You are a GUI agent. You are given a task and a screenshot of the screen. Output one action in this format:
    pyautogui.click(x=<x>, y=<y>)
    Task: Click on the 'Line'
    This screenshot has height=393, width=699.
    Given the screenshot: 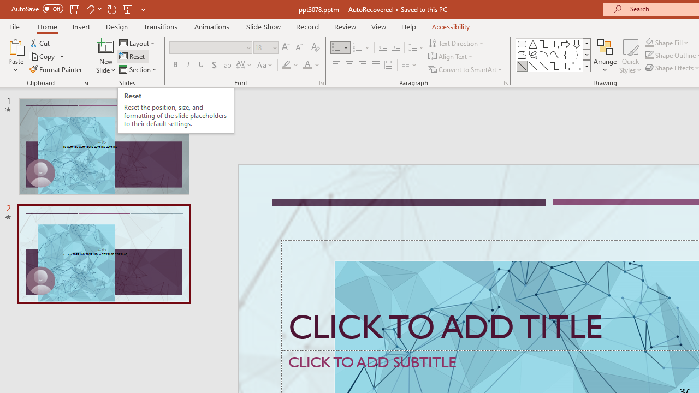 What is the action you would take?
    pyautogui.click(x=522, y=65)
    